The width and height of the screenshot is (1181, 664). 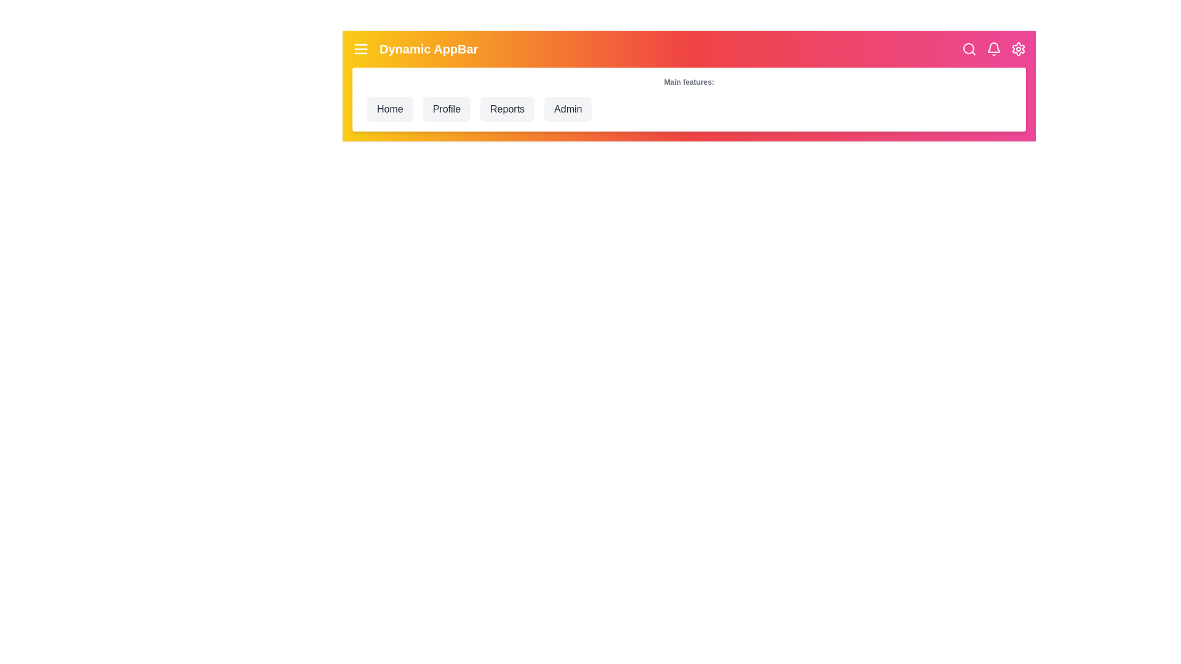 What do you see at coordinates (445, 108) in the screenshot?
I see `the Profile navigation menu item to navigate to its respective section` at bounding box center [445, 108].